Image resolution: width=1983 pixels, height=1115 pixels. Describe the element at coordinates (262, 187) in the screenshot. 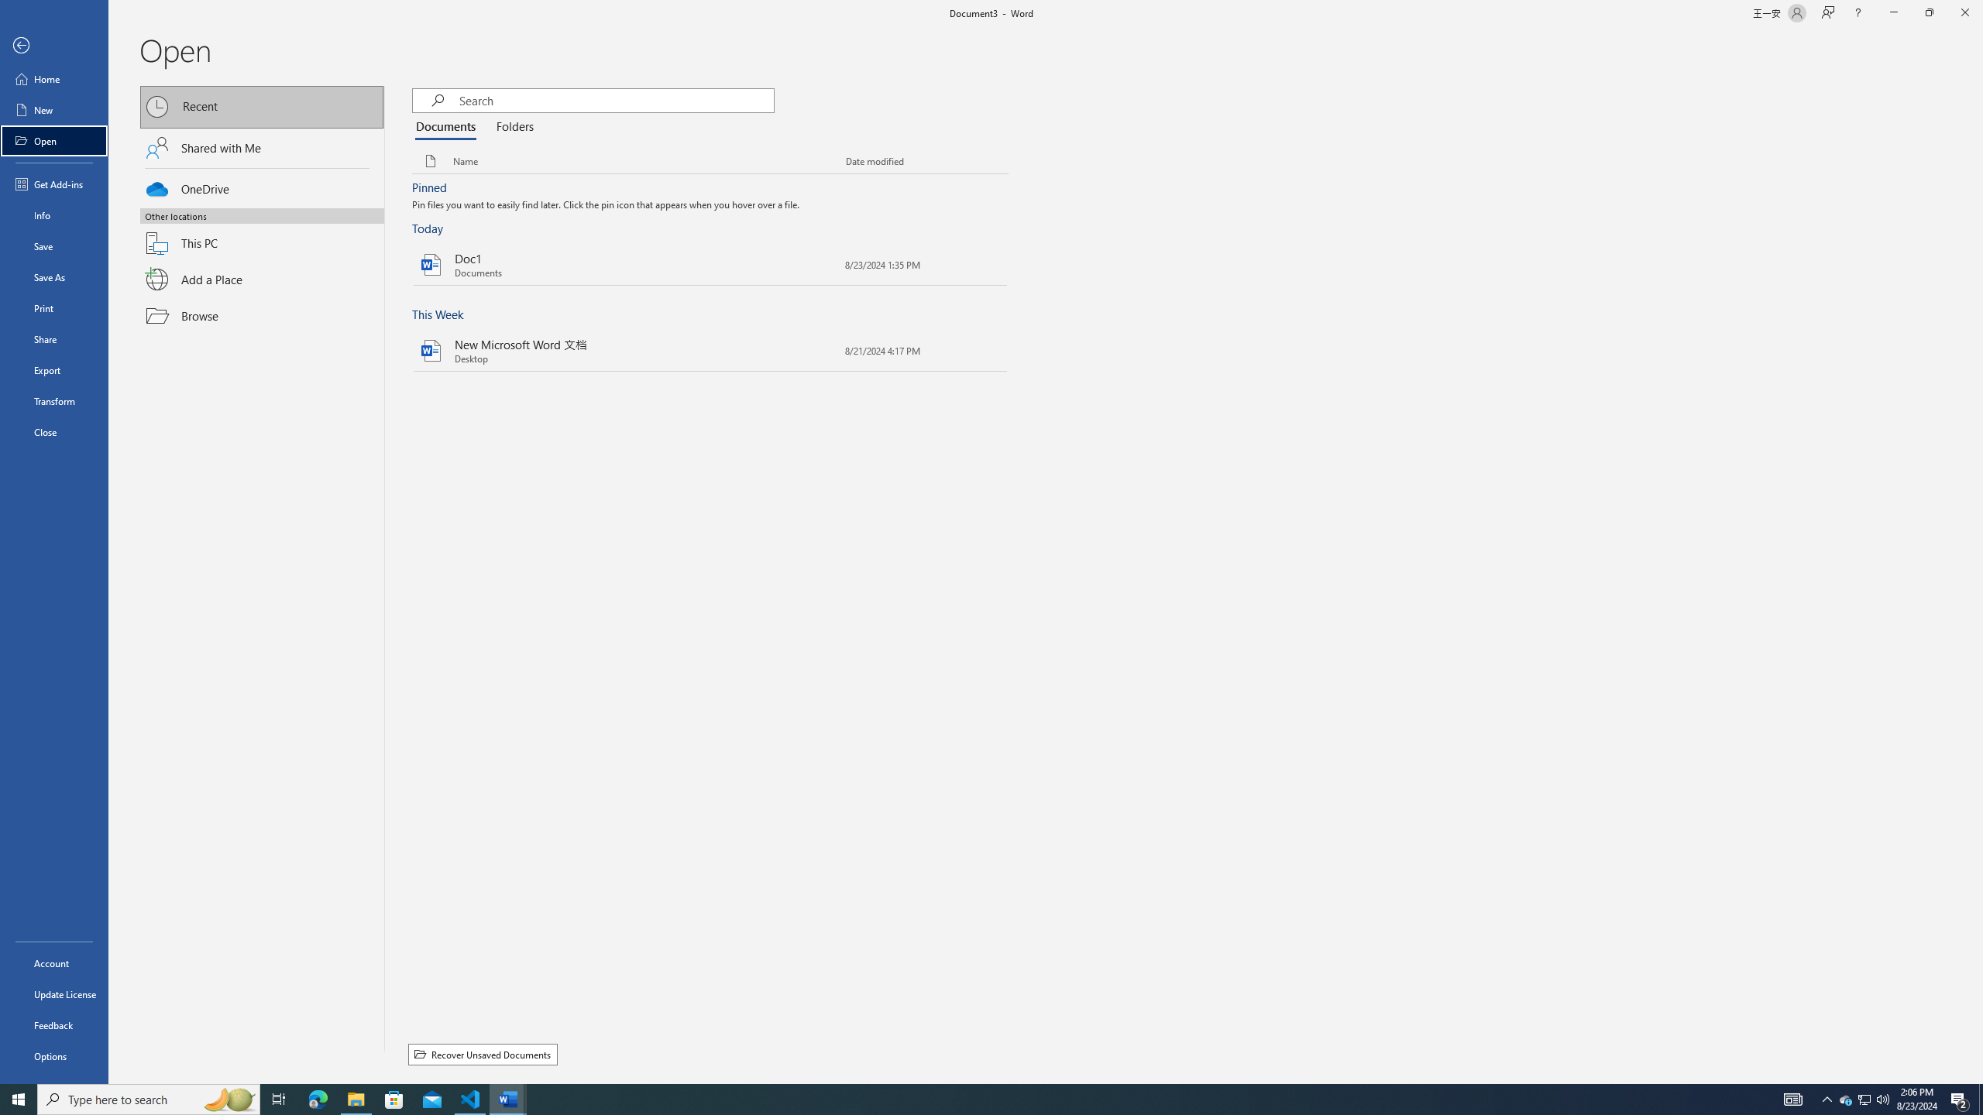

I see `'OneDrive'` at that location.